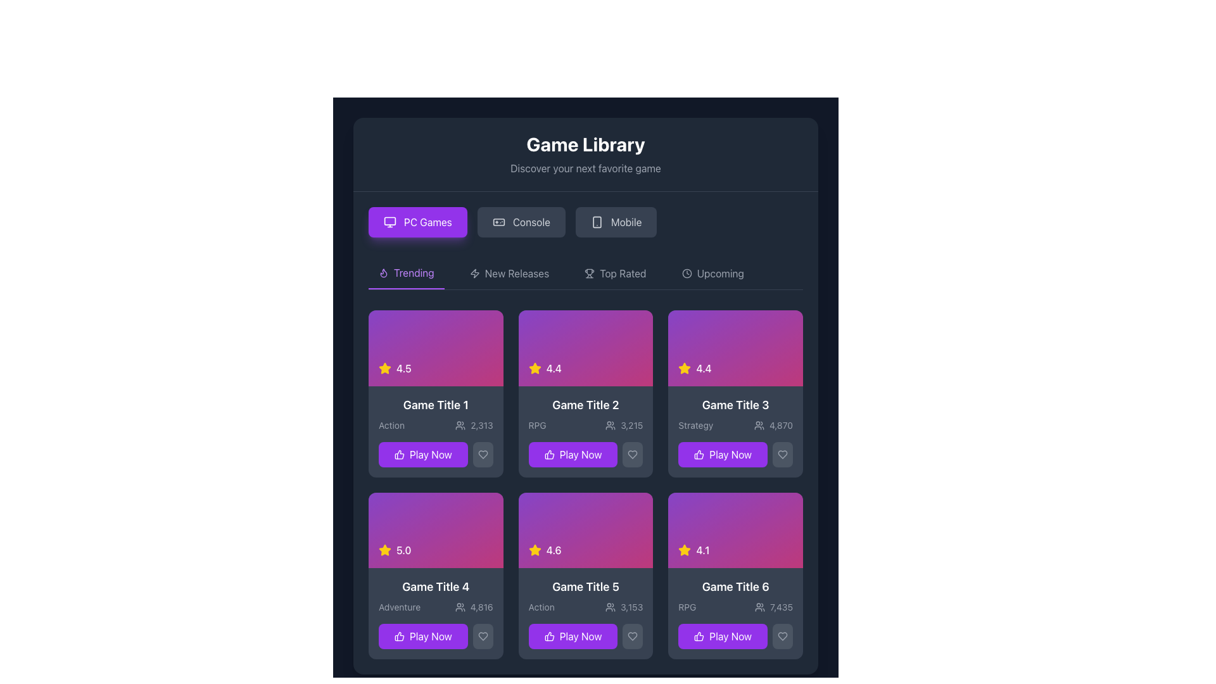 This screenshot has width=1216, height=684. I want to click on the descriptive information element that displays the genre 'Adventure' and player count '4,816' located in the bottom half of the fourth game card in the second row, below 'Game Title 4' and above the 'Play Now' button, so click(436, 607).